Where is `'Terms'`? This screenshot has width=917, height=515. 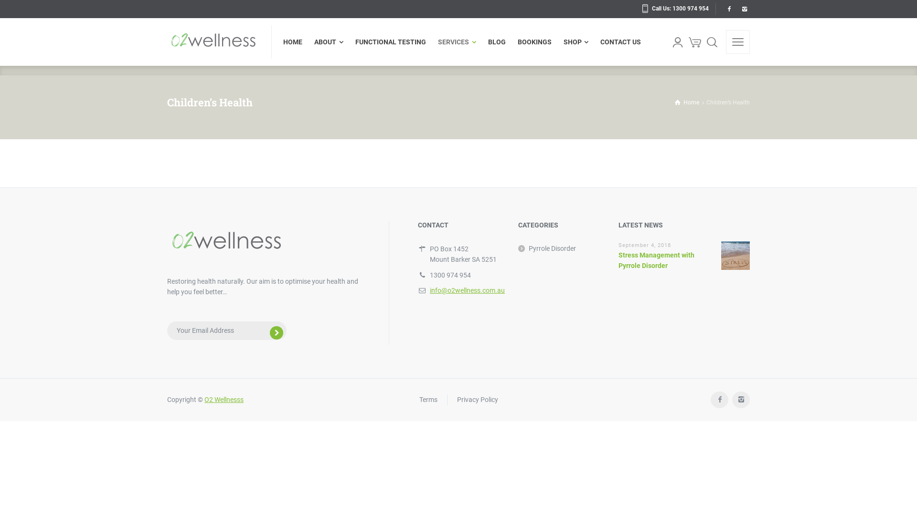
'Terms' is located at coordinates (428, 399).